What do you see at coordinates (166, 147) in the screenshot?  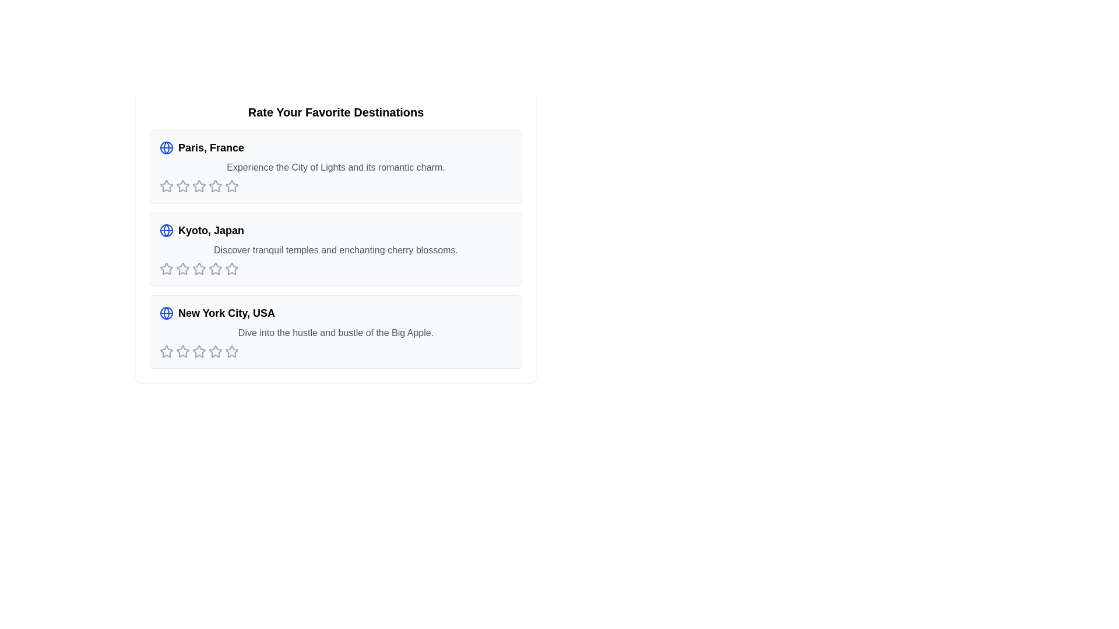 I see `the globe icon representing 'Paris, France' in the 'Rate Your Favorite Destinations' section` at bounding box center [166, 147].